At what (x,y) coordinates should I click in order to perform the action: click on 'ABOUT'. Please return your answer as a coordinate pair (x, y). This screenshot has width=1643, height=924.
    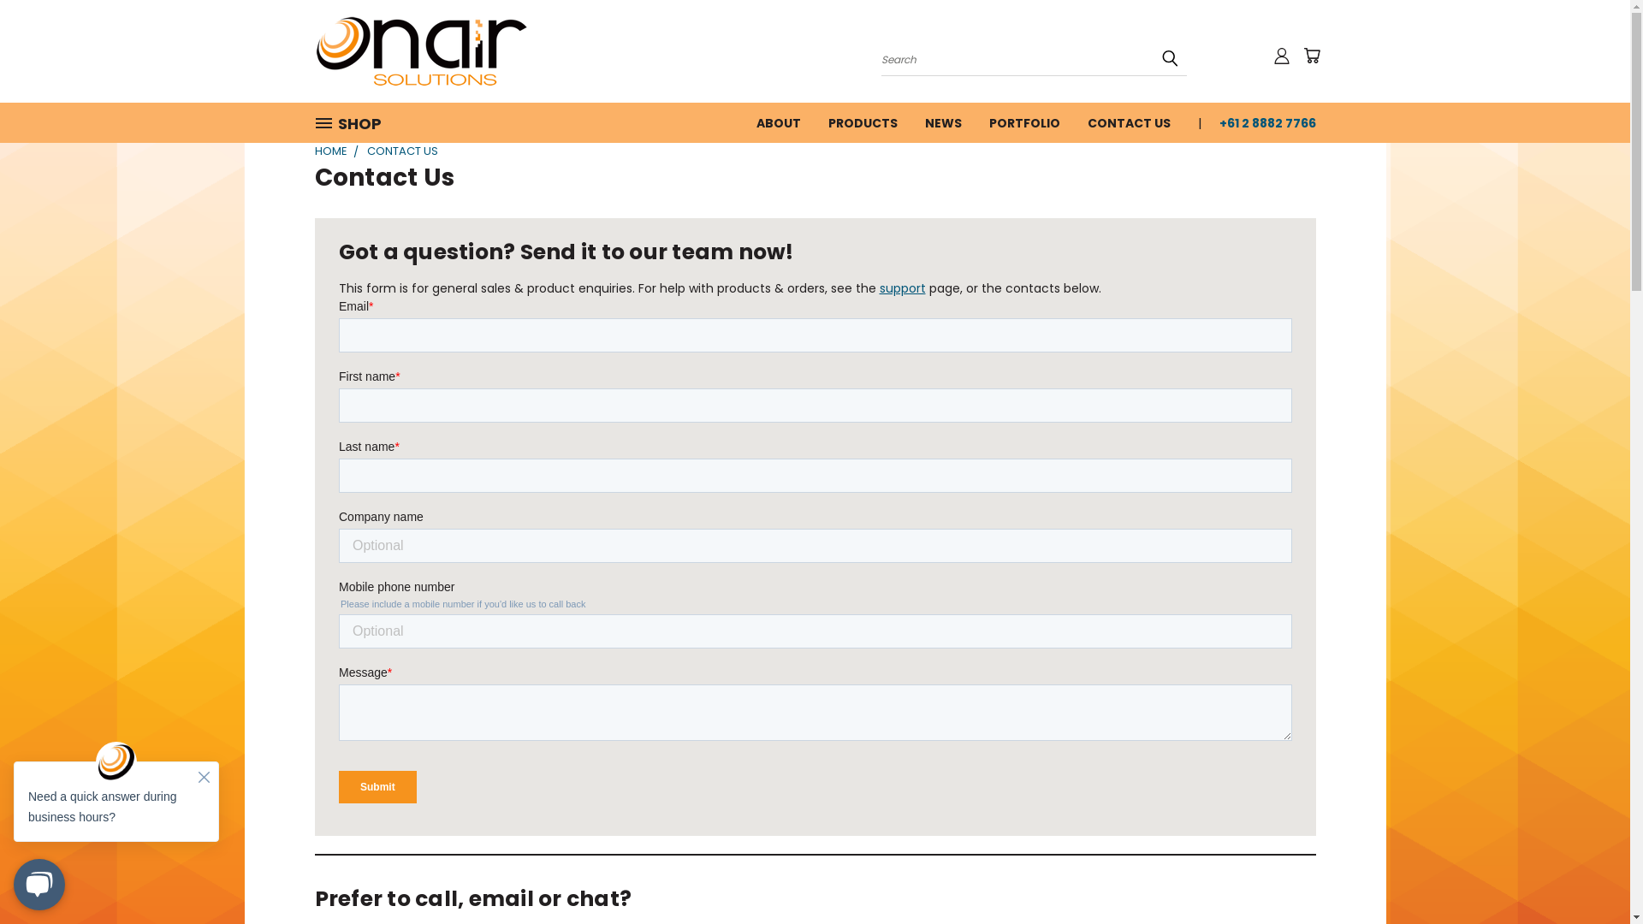
    Looking at the image, I should click on (778, 121).